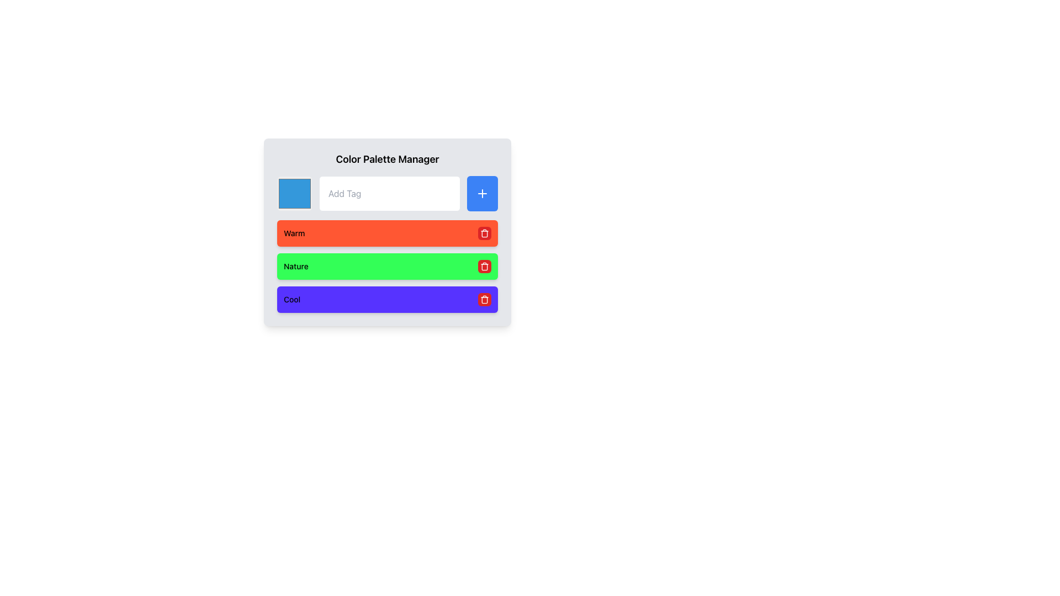 The width and height of the screenshot is (1060, 596). What do you see at coordinates (482, 193) in the screenshot?
I see `the 'Add' button located on the right side of the 'Add Tag' input field in the Color Palette Manager interface` at bounding box center [482, 193].